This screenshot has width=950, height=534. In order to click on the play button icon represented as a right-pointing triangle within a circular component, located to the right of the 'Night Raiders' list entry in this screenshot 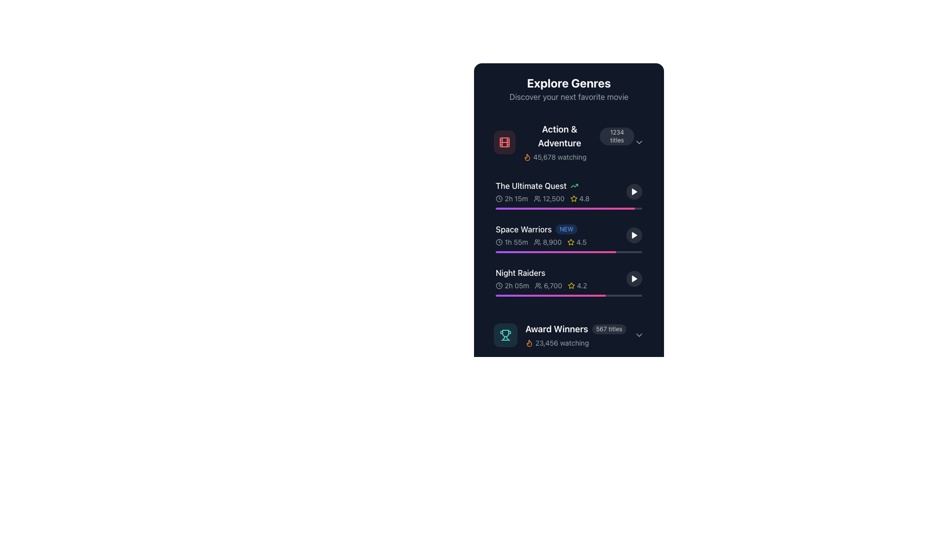, I will do `click(634, 278)`.